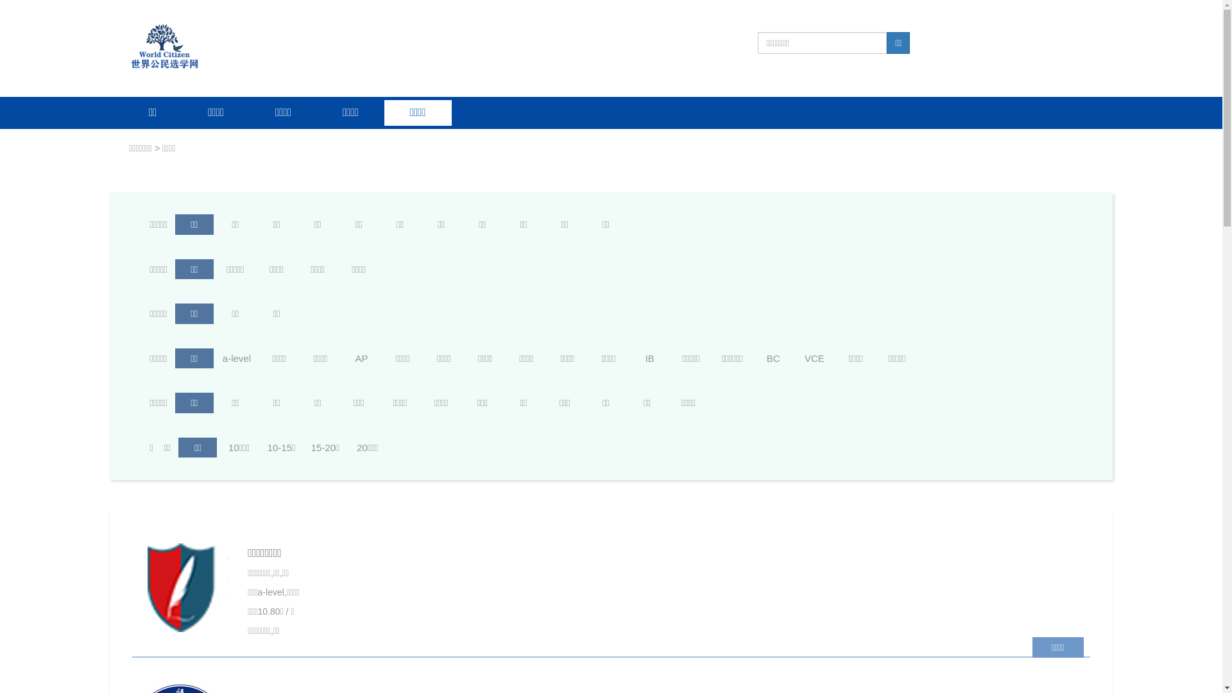  Describe the element at coordinates (361, 358) in the screenshot. I see `'AP'` at that location.